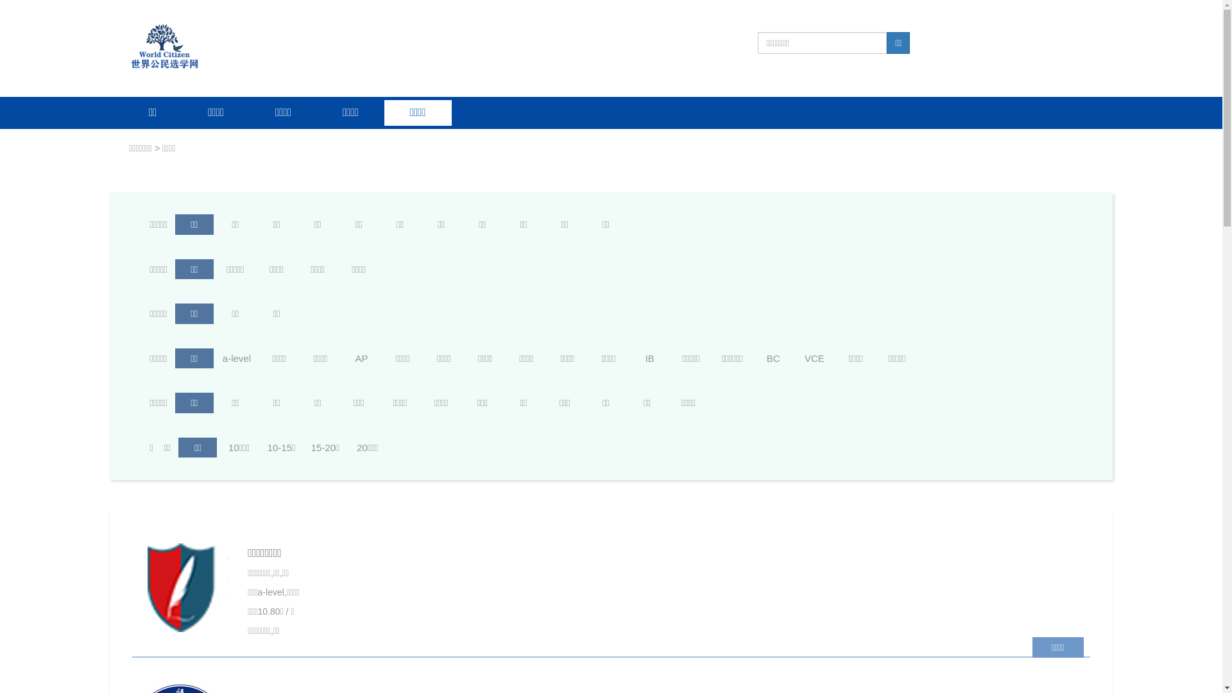  Describe the element at coordinates (361, 358) in the screenshot. I see `'AP'` at that location.